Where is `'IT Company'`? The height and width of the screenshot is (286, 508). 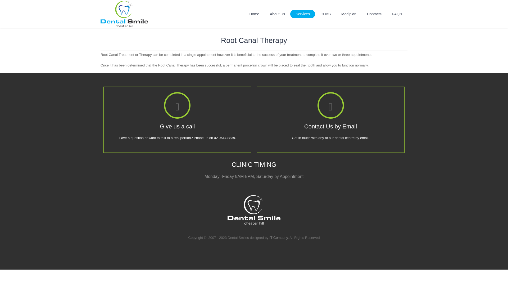
'IT Company' is located at coordinates (278, 237).